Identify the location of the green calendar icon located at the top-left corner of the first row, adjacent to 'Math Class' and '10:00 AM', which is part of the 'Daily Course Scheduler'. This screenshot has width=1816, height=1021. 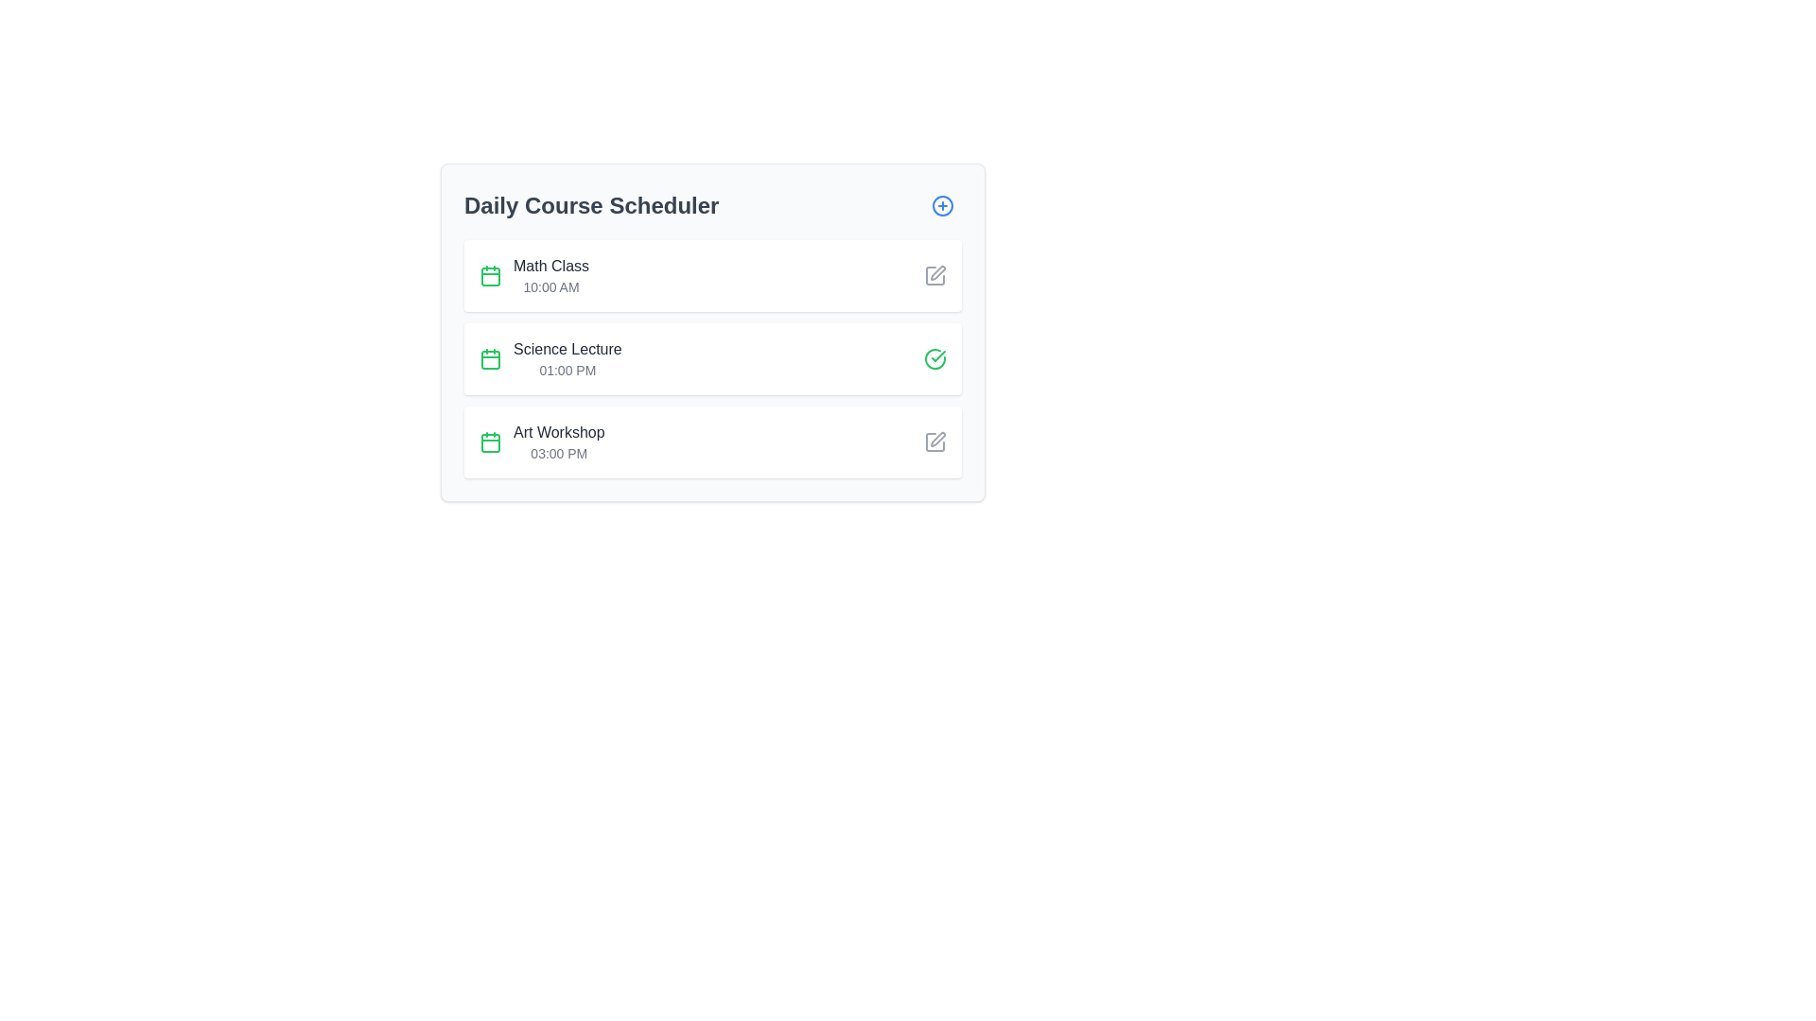
(490, 276).